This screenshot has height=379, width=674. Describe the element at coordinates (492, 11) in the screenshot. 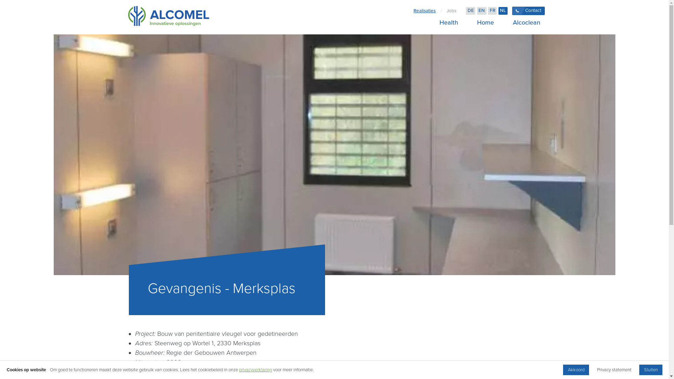

I see `'FR'` at that location.